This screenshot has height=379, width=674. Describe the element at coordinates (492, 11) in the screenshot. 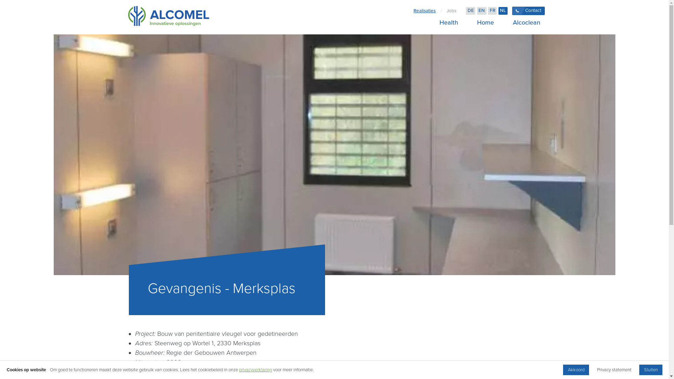

I see `'FR'` at that location.